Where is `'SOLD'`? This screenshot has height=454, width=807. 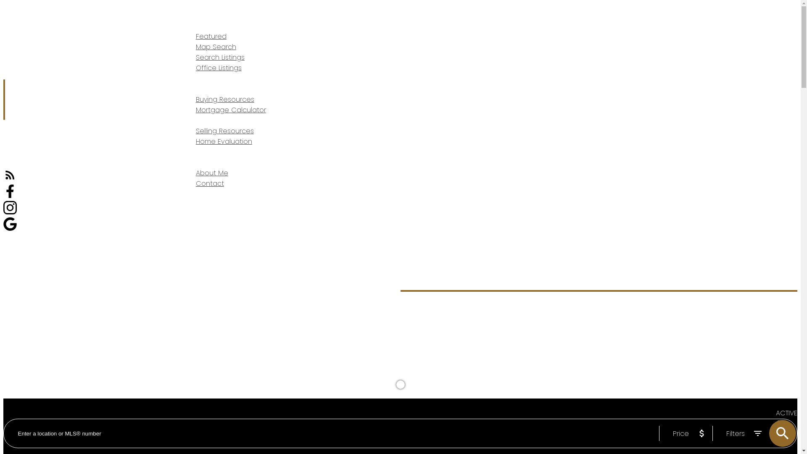
'SOLD' is located at coordinates (786, 434).